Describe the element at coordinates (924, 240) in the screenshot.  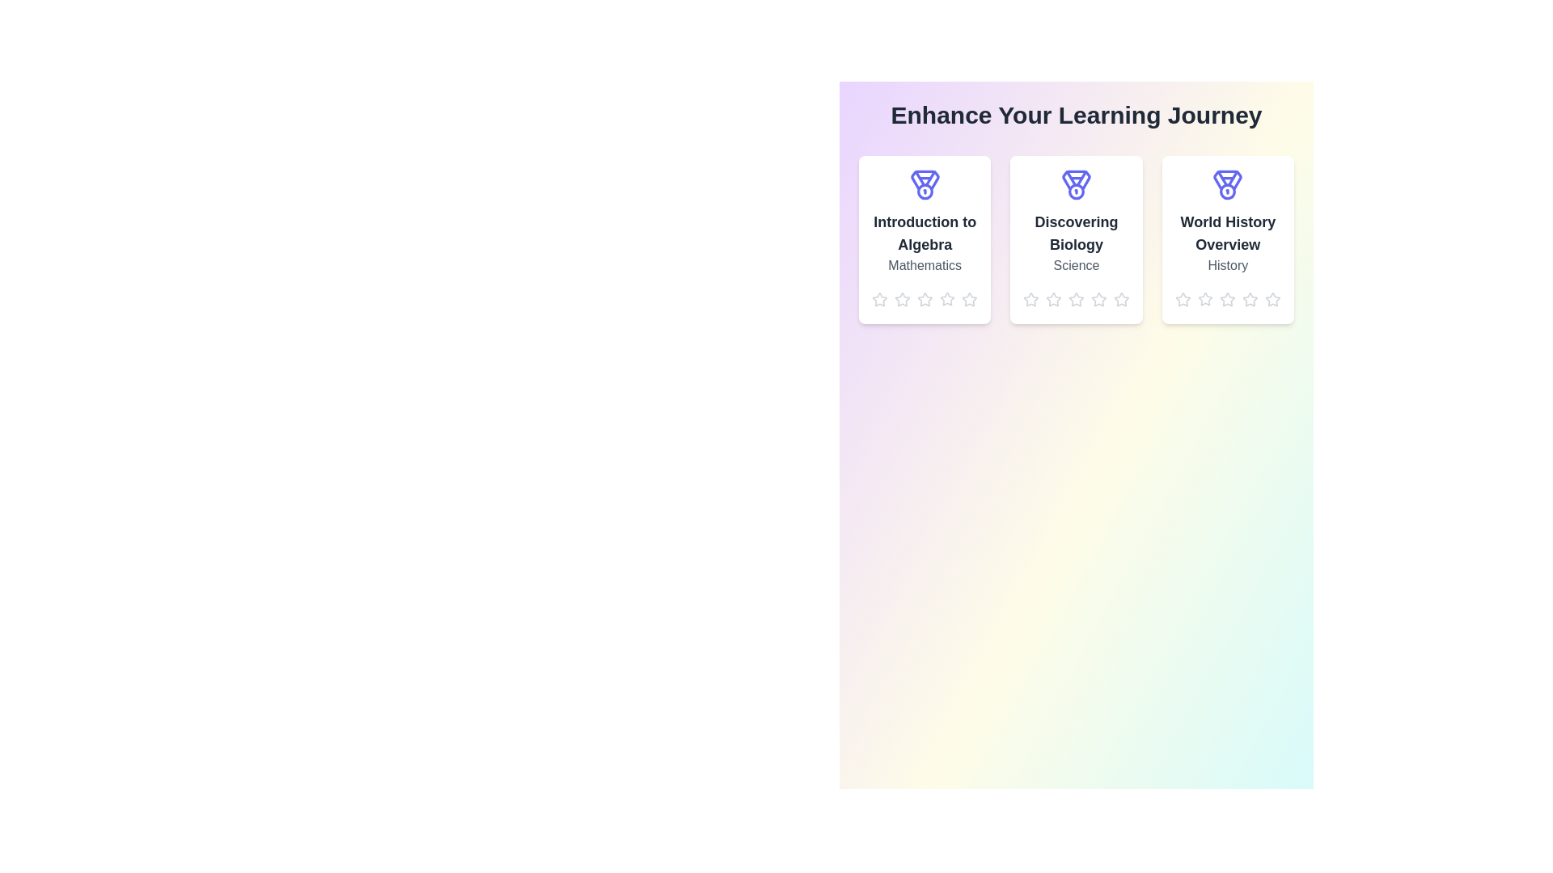
I see `the card for the module titled 'Introduction to Algebra'` at that location.